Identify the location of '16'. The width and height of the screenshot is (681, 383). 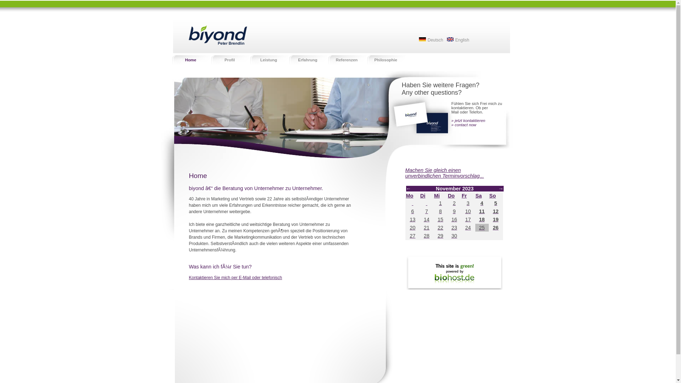
(454, 219).